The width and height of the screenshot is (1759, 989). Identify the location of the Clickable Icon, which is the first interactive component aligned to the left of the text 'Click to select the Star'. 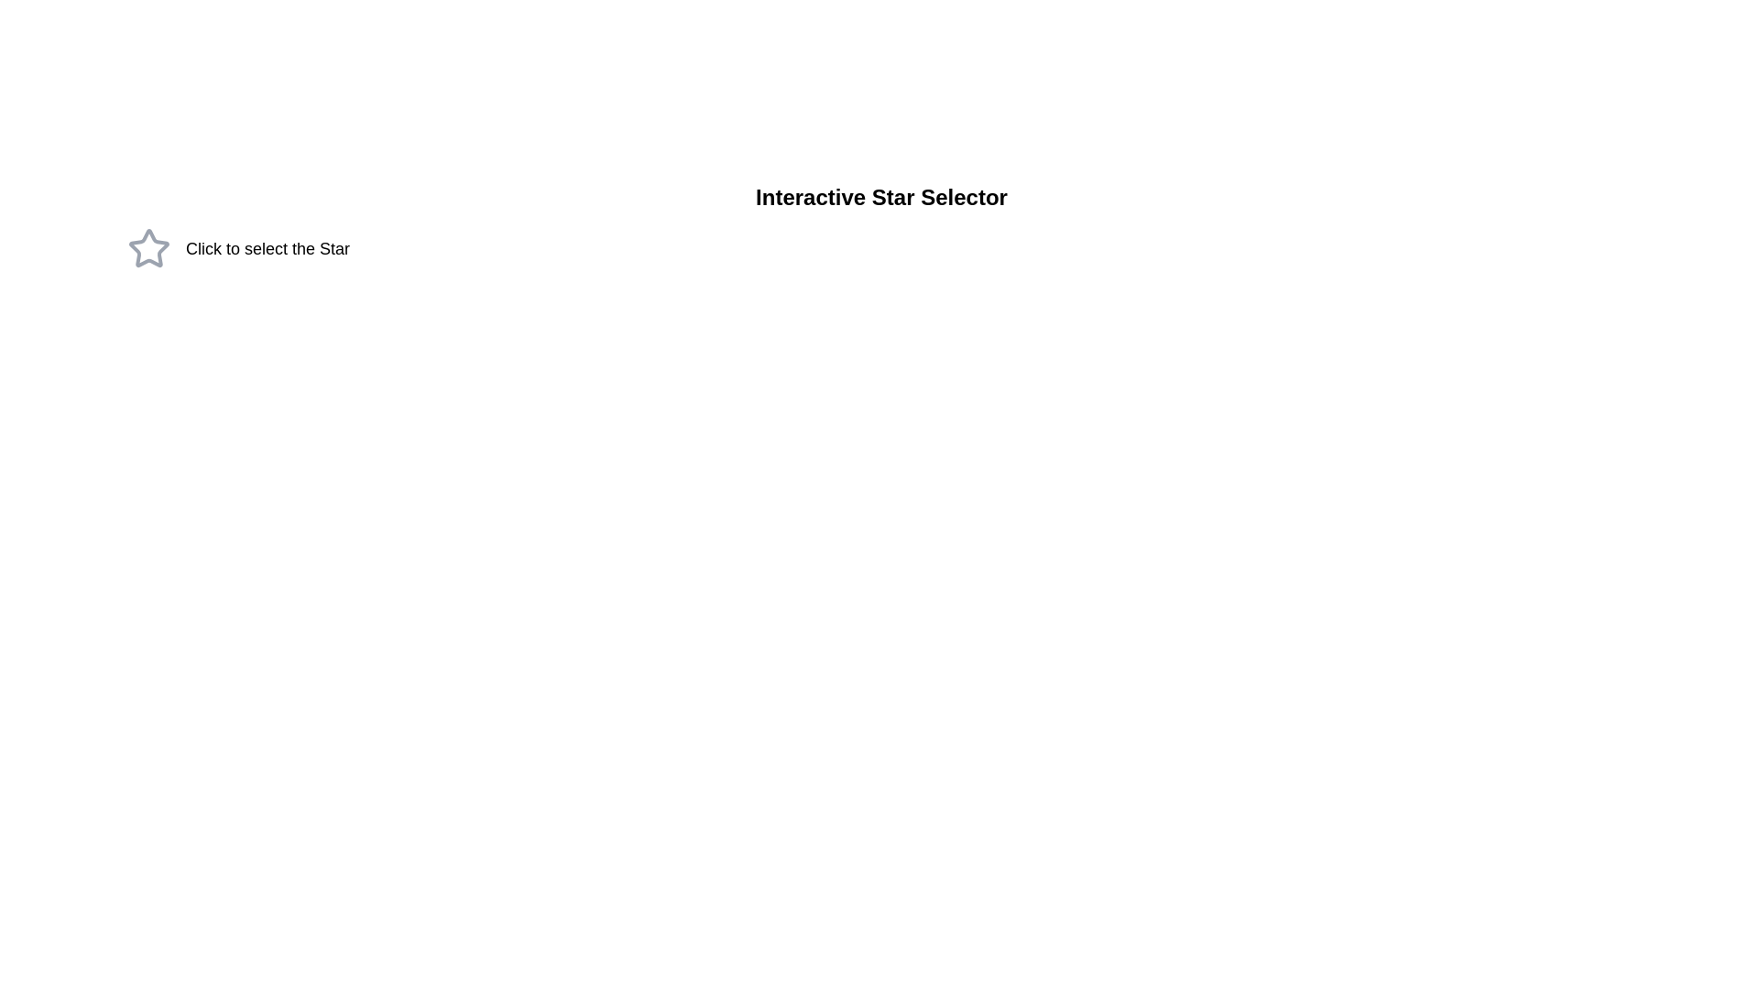
(149, 249).